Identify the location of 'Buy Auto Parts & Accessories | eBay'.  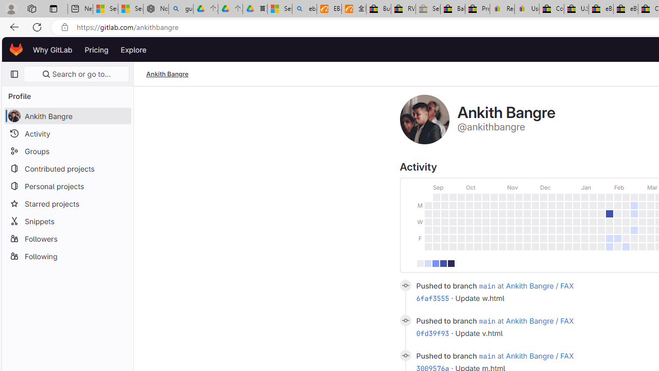
(378, 9).